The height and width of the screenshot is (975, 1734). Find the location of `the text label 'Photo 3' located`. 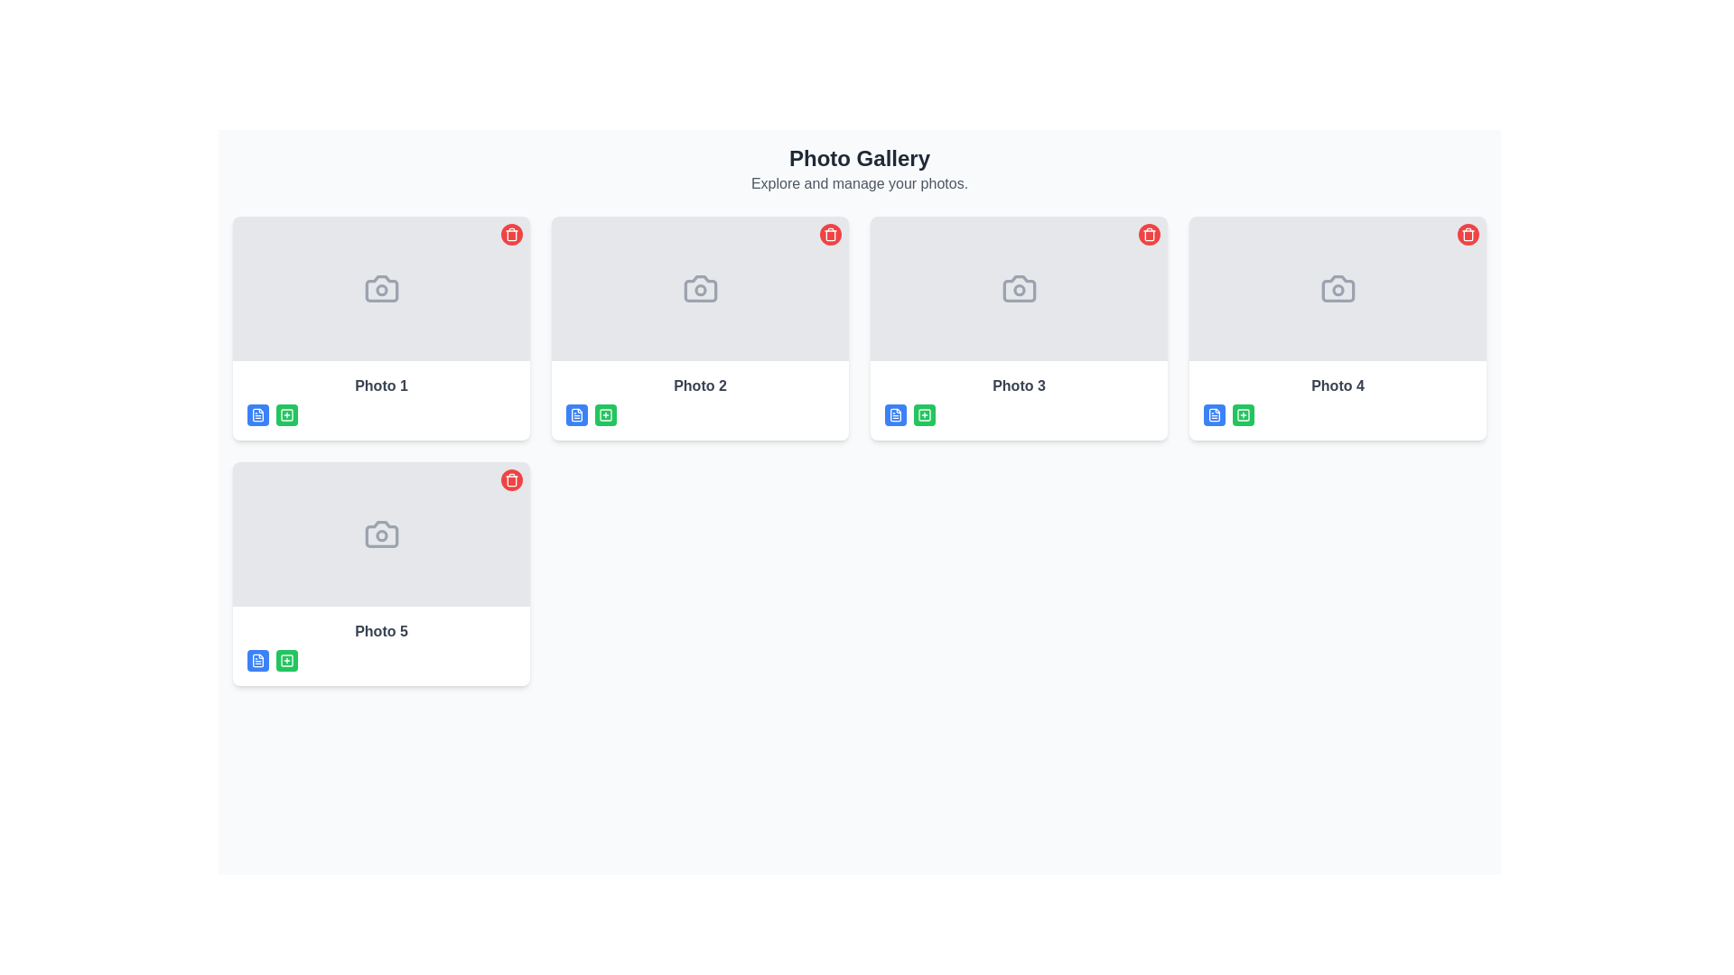

the text label 'Photo 3' located is located at coordinates (1019, 399).